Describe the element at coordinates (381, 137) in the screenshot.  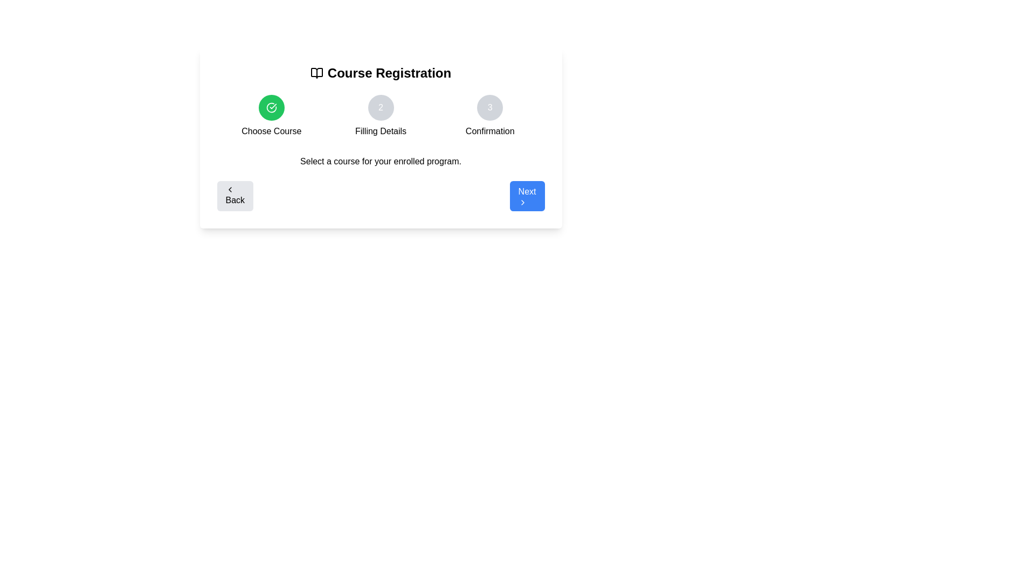
I see `the step progression by clicking on the Interactive wizard panel that guides users through the registration process` at that location.